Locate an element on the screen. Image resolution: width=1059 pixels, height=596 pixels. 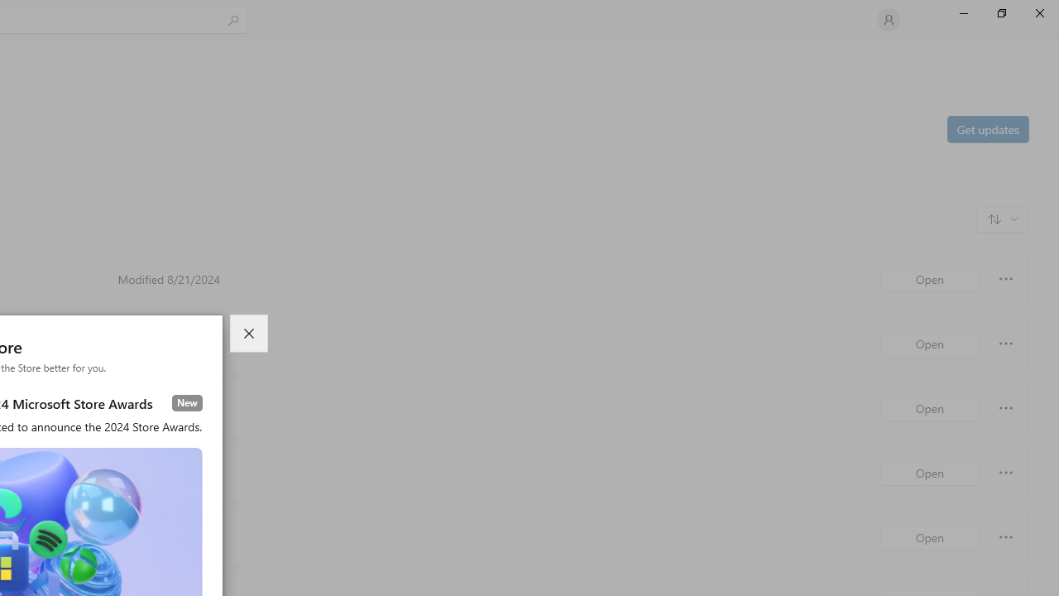
'Close dialog' is located at coordinates (247, 334).